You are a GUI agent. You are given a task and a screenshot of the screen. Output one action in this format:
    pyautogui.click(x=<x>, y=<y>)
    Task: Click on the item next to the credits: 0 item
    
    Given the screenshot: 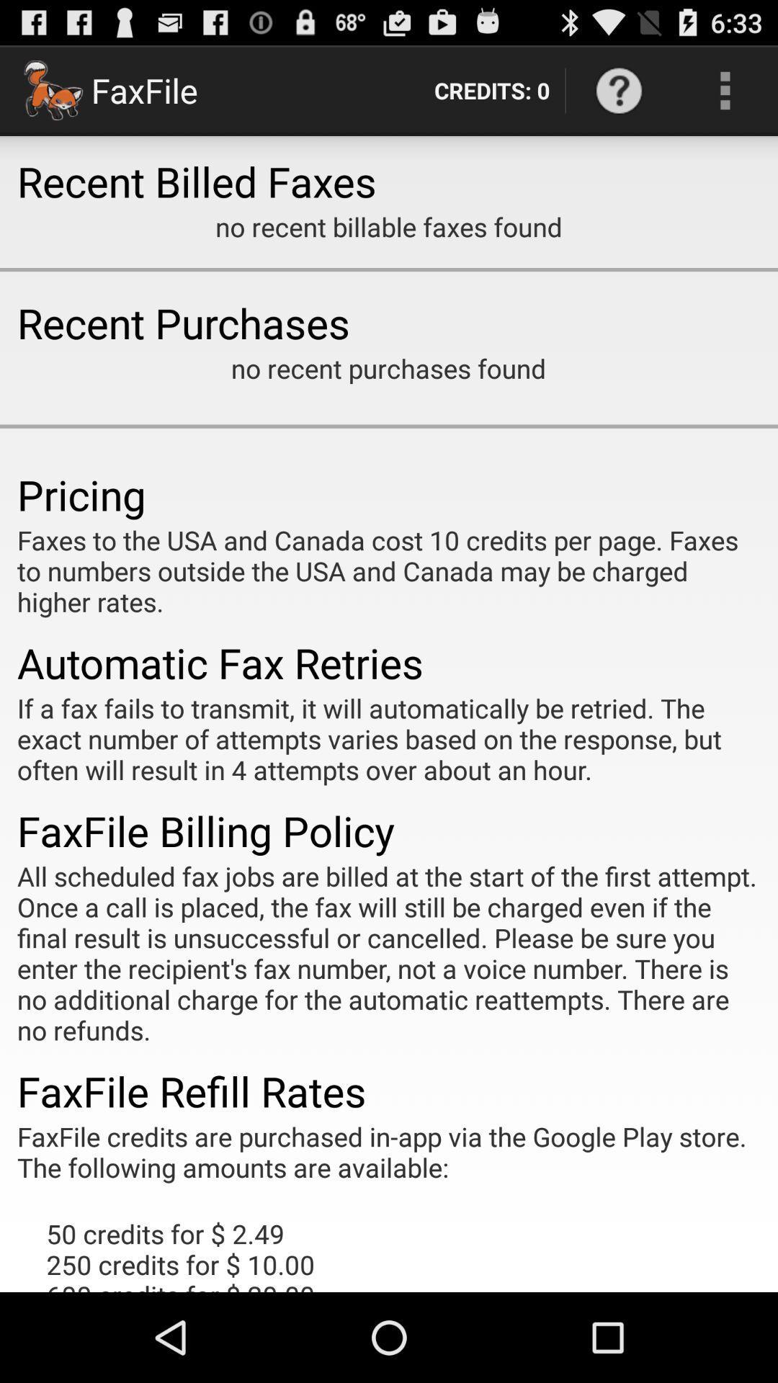 What is the action you would take?
    pyautogui.click(x=618, y=89)
    